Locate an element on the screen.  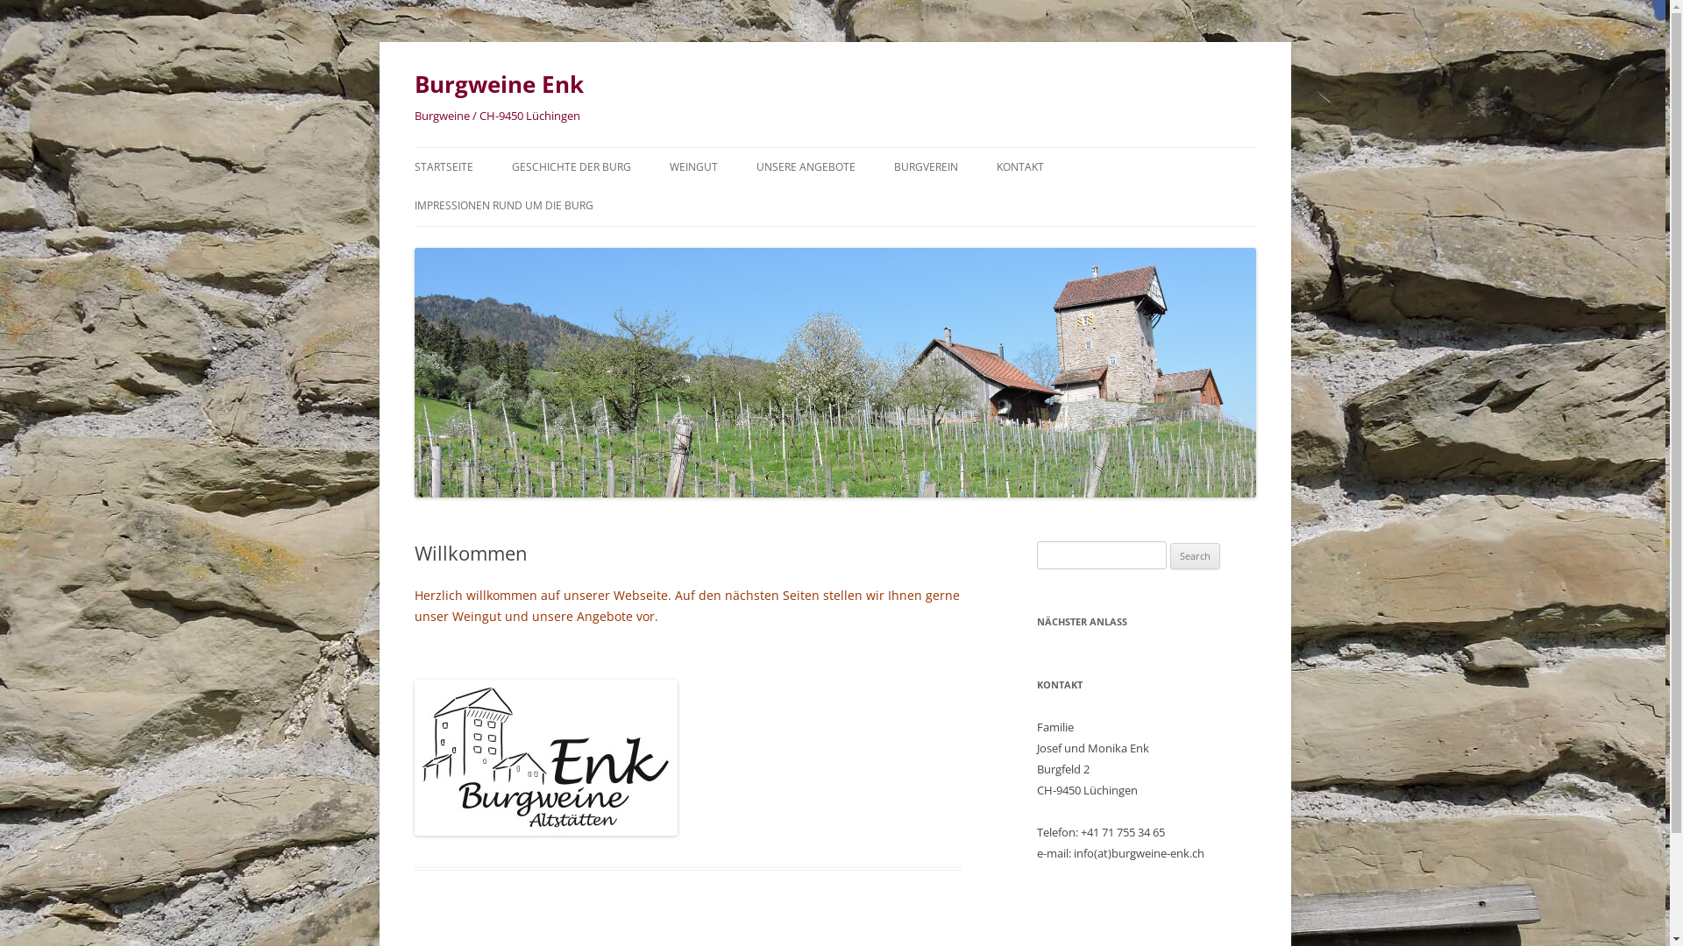
'Skip to content' is located at coordinates (878, 152).